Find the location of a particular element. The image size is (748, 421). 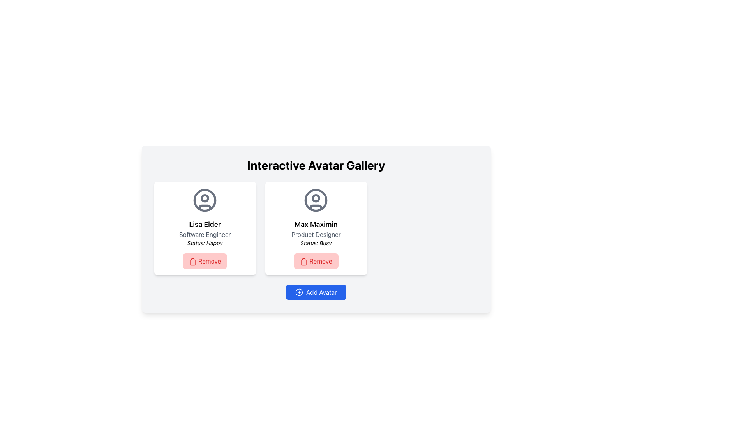

the red button below the avatar and descriptive text ('Max Maximin - Product Designer - Status: Busy') on the second profile card in the 'Interactive Avatar Gallery' is located at coordinates (316, 261).